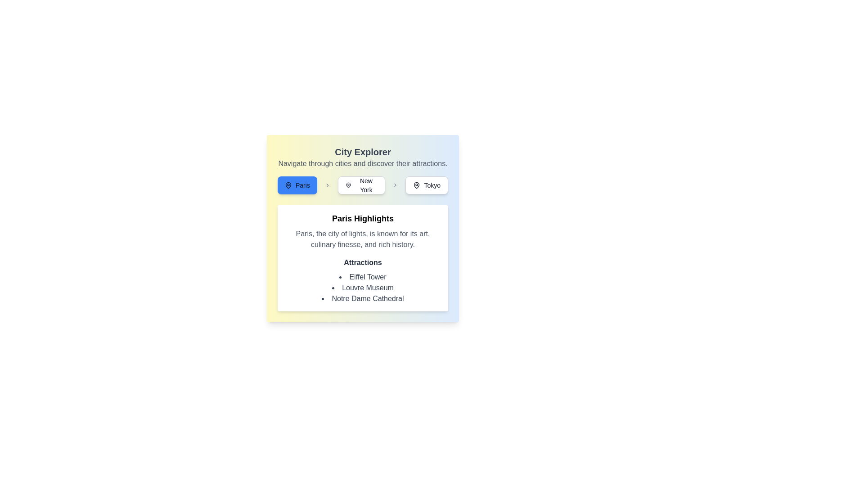 Image resolution: width=864 pixels, height=486 pixels. What do you see at coordinates (327, 185) in the screenshot?
I see `the Chevron Icon located between the 'Paris' and 'New York' city buttons` at bounding box center [327, 185].